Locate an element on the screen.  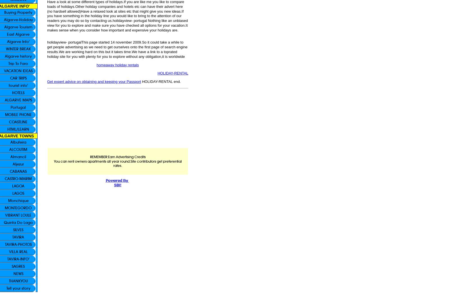
'MOBILE PHONE' is located at coordinates (4, 114).